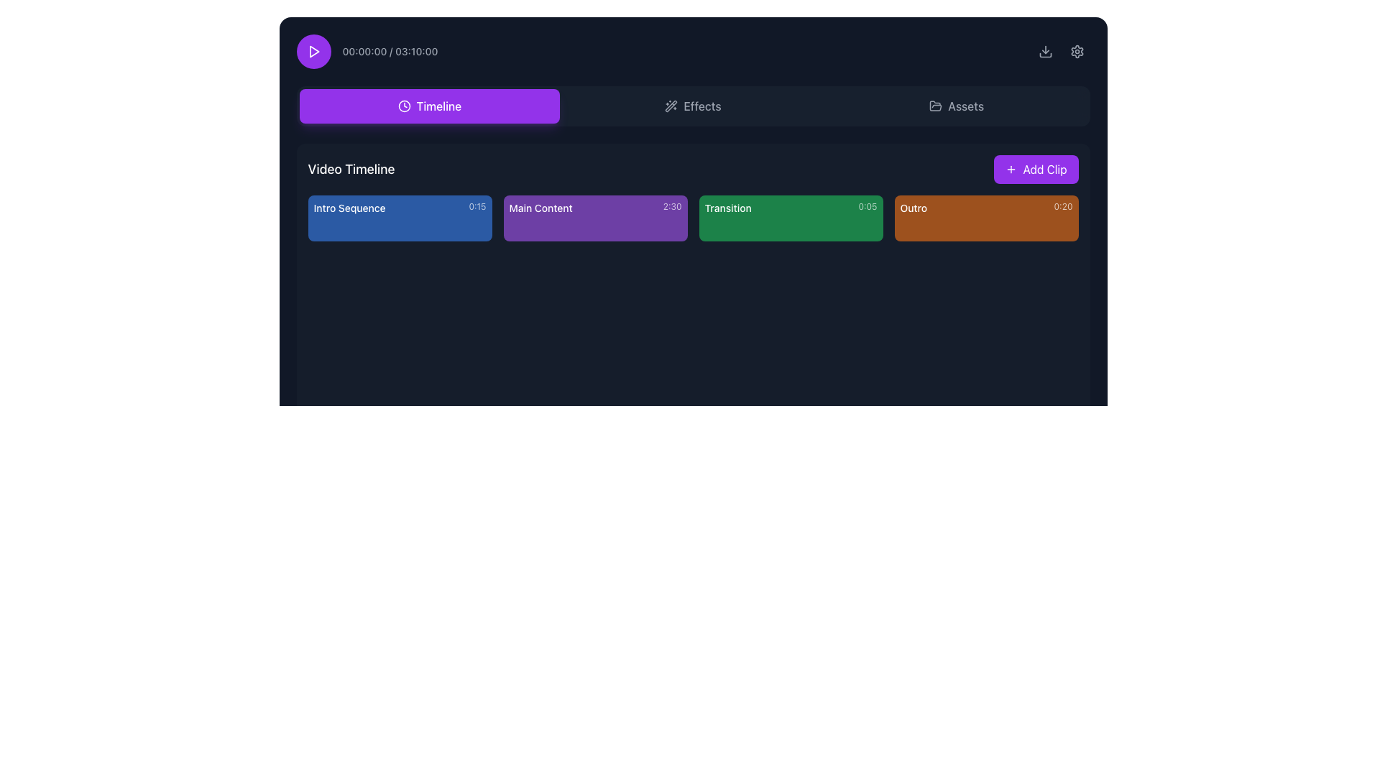 The width and height of the screenshot is (1380, 776). What do you see at coordinates (403, 105) in the screenshot?
I see `the circular clock icon located to the left of the 'Timeline' button, which features thin strokes in a minimalist design` at bounding box center [403, 105].